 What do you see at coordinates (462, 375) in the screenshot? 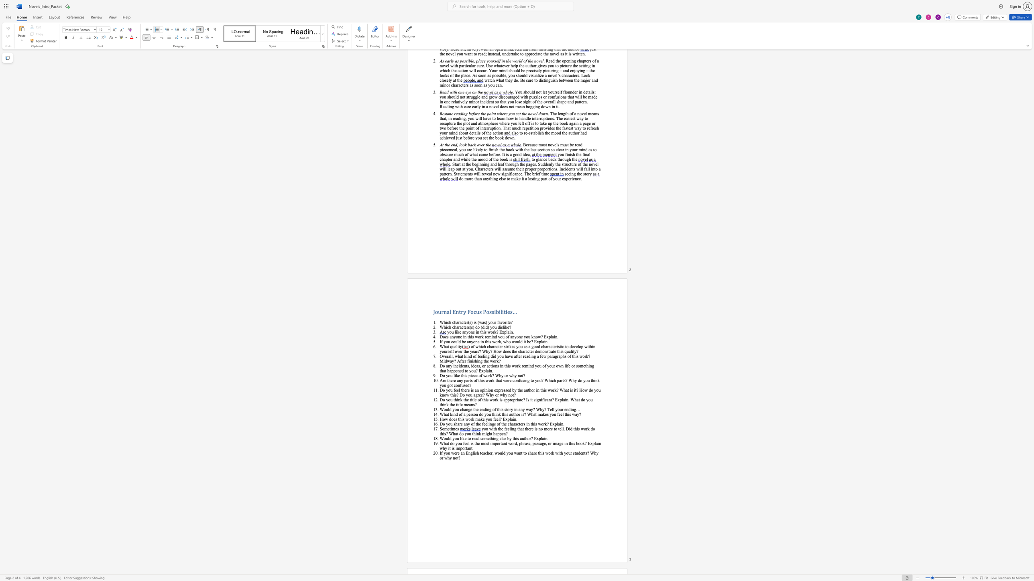
I see `the space between the continuous character "t" and "h" in the text` at bounding box center [462, 375].